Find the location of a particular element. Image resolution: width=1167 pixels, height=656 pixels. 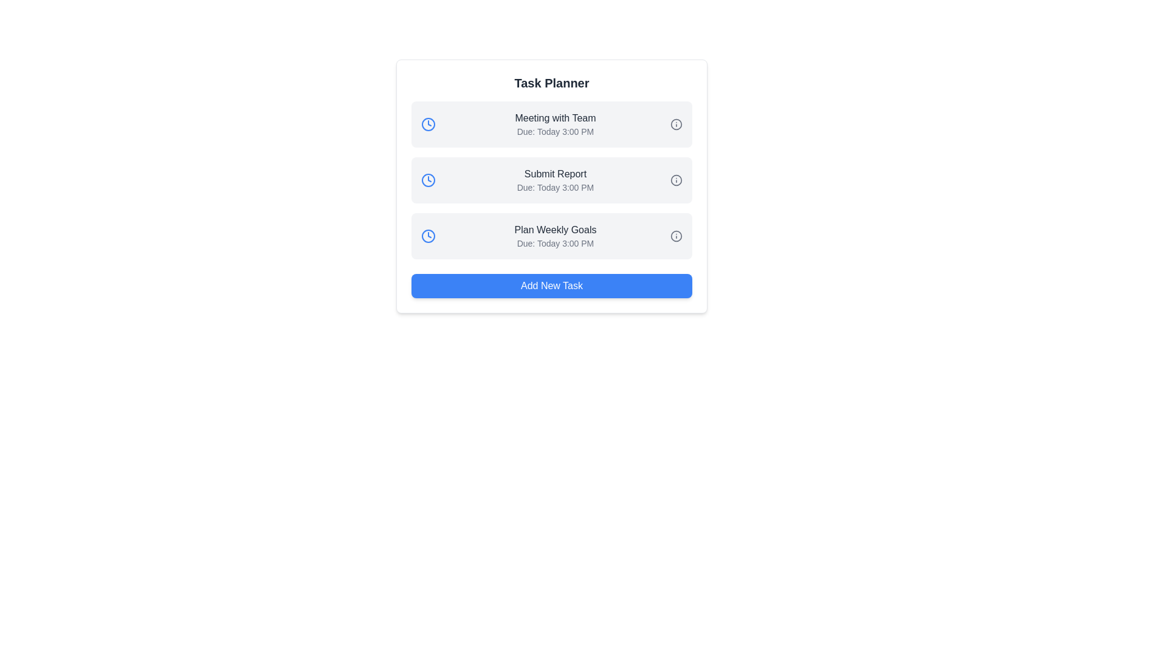

the static text label conveying the due date and time for the task 'Meeting with Team', which is located directly below the task header is located at coordinates (554, 131).